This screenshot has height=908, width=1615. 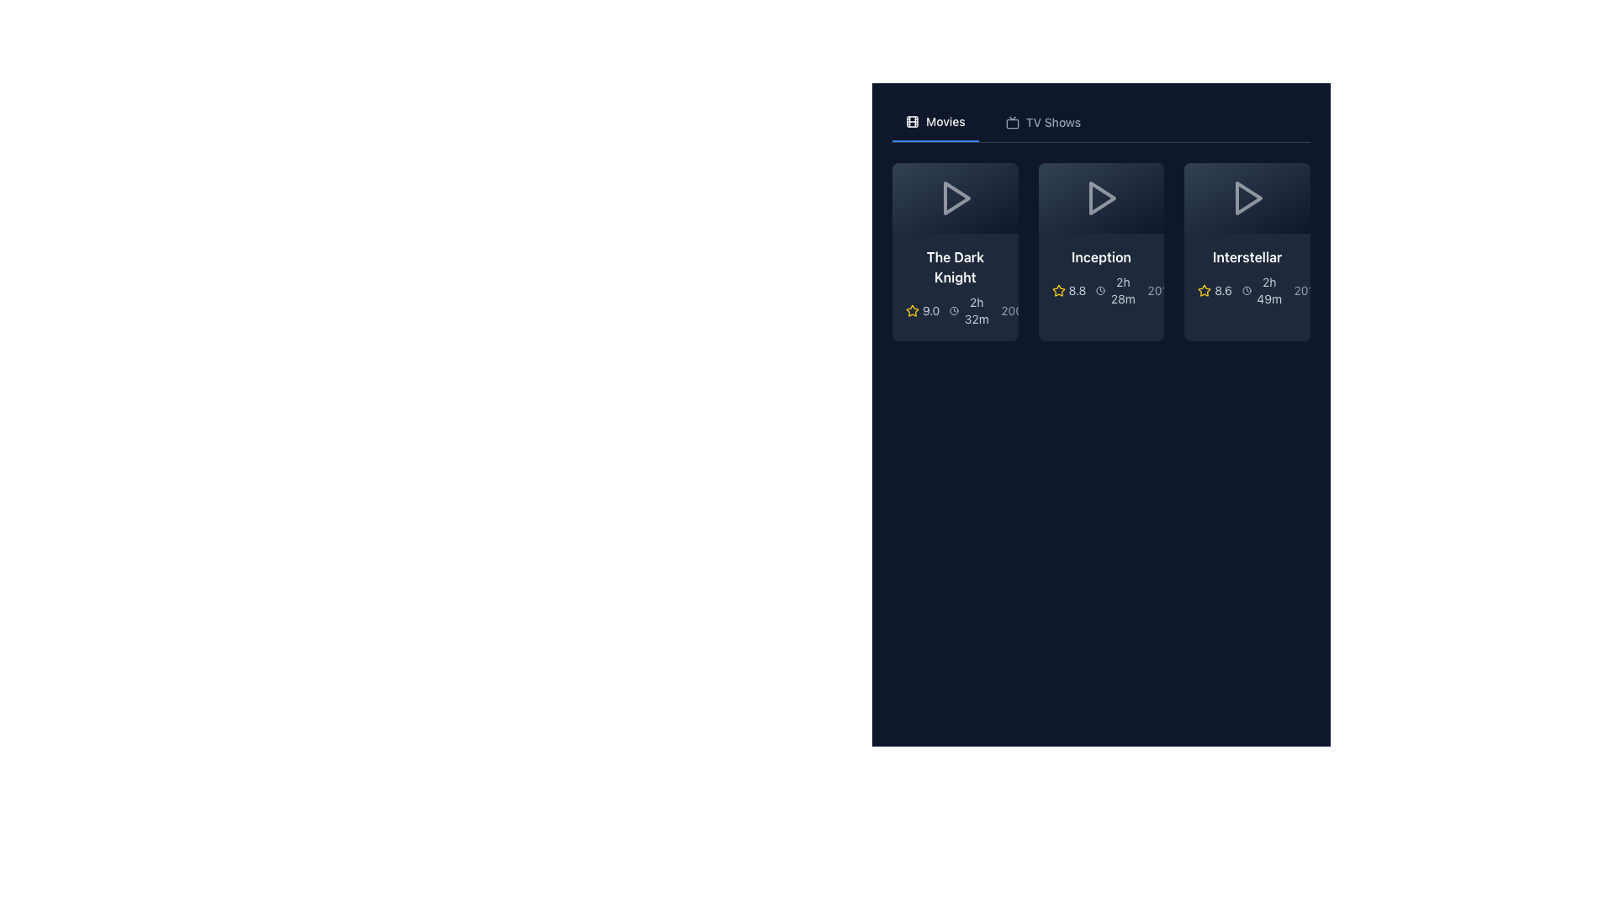 I want to click on the text element displaying the movie rating for 'Interstellar', located in the third column of the movie card grid, to provide users with feedback about the movie's quality, so click(x=1223, y=290).